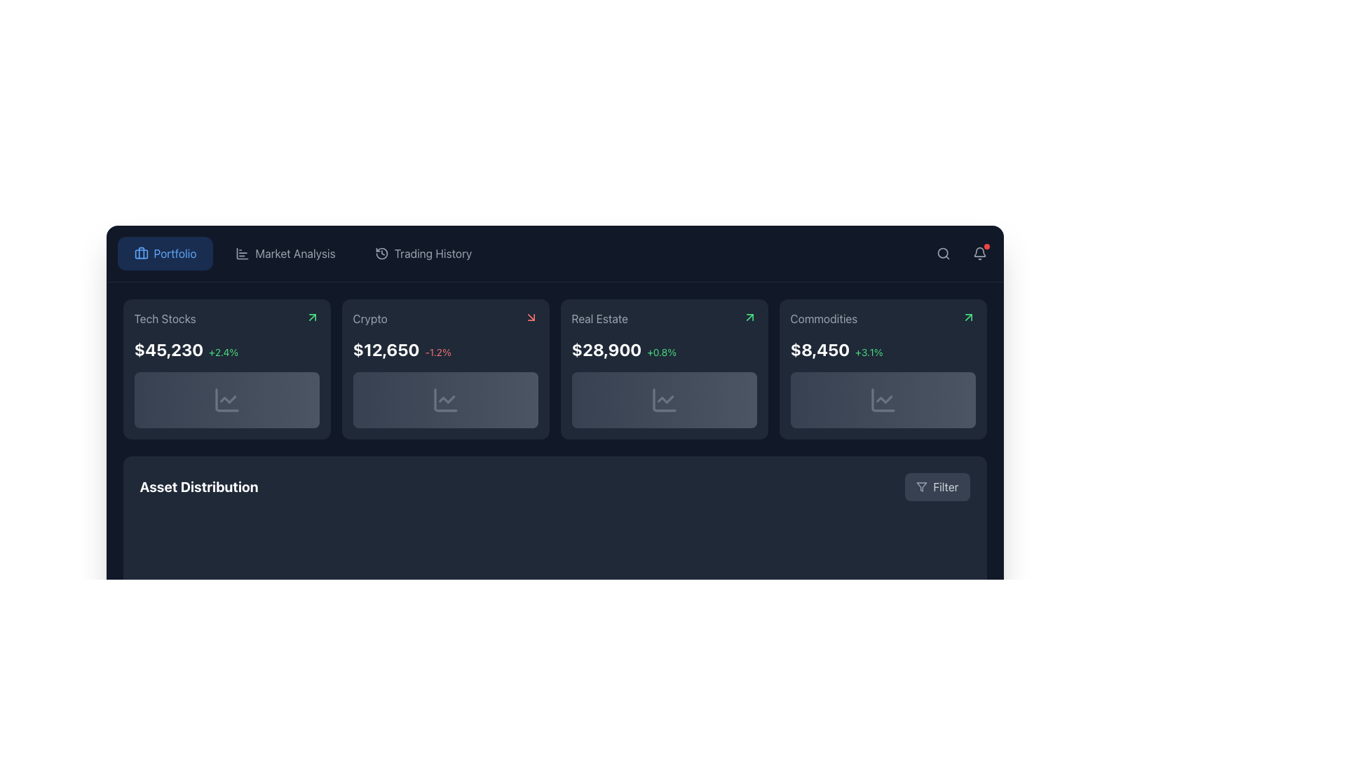  What do you see at coordinates (882, 400) in the screenshot?
I see `icon representing activity or trends on the 'Commodities' card, which is the fourth card in the row, located centrally within the card, slightly above its bottom edge` at bounding box center [882, 400].